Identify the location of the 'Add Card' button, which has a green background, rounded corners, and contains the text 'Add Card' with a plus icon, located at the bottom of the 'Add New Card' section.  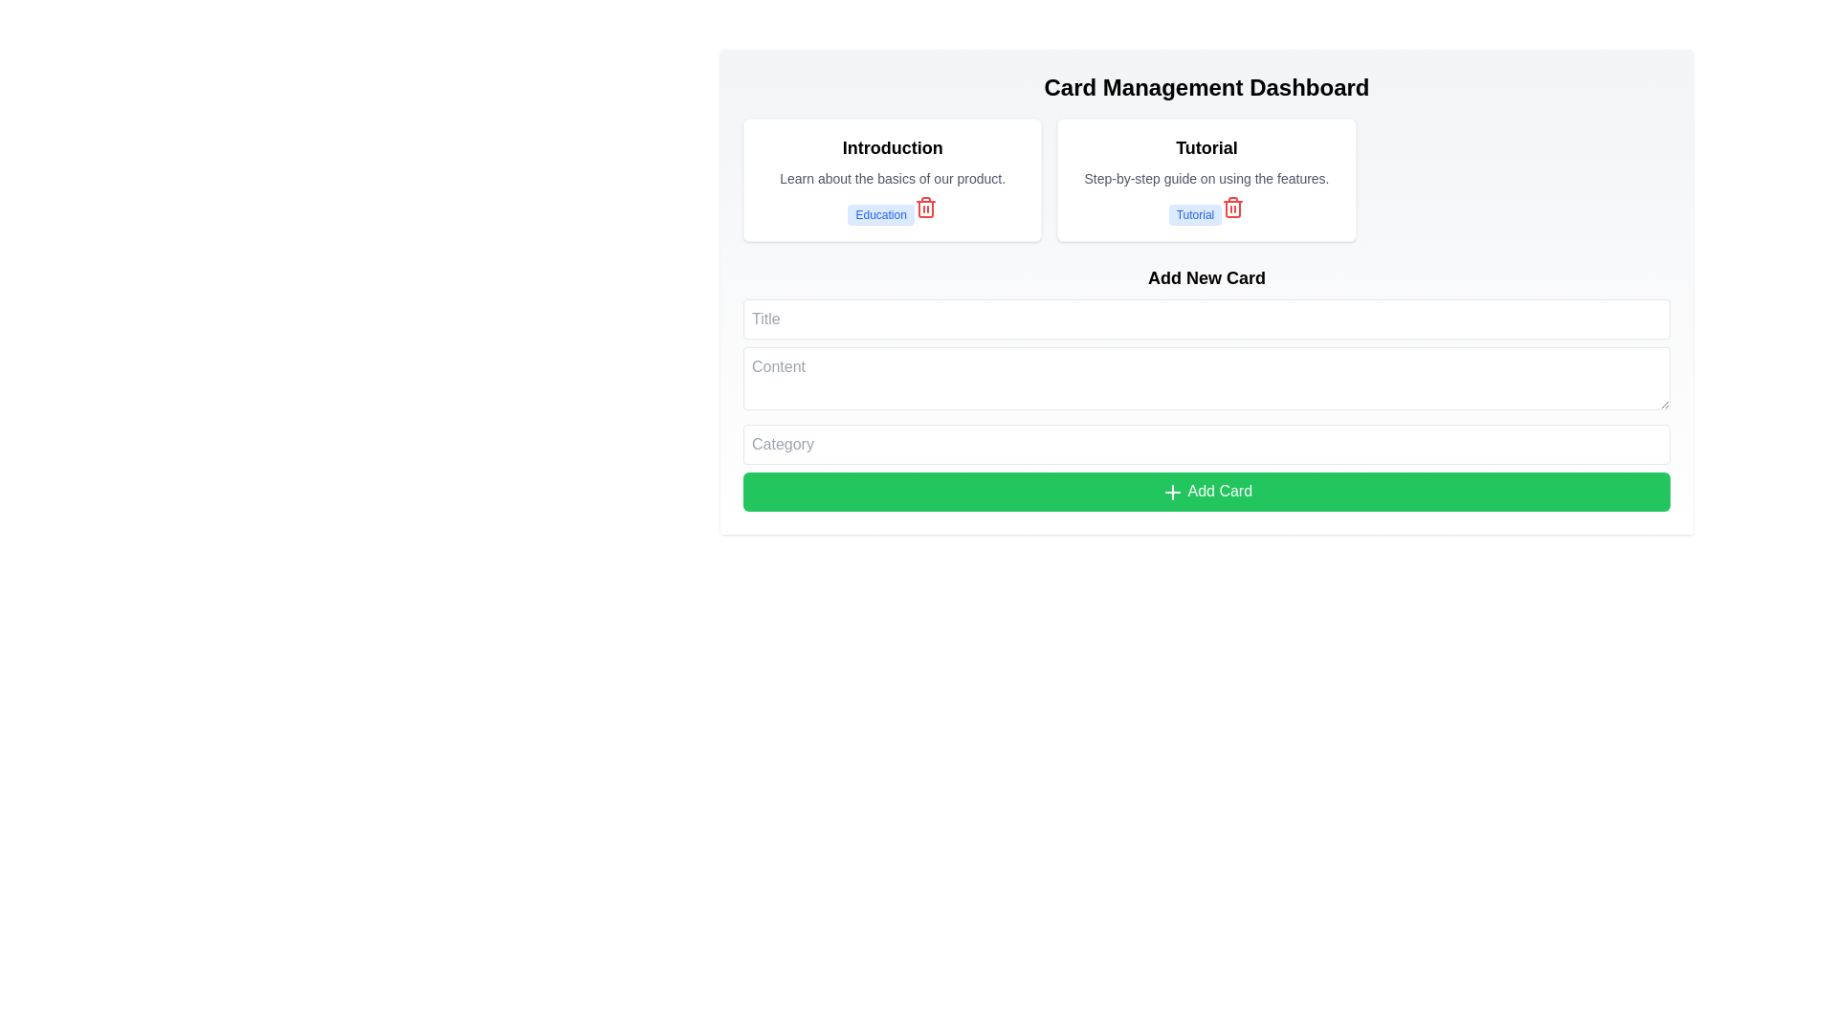
(1206, 491).